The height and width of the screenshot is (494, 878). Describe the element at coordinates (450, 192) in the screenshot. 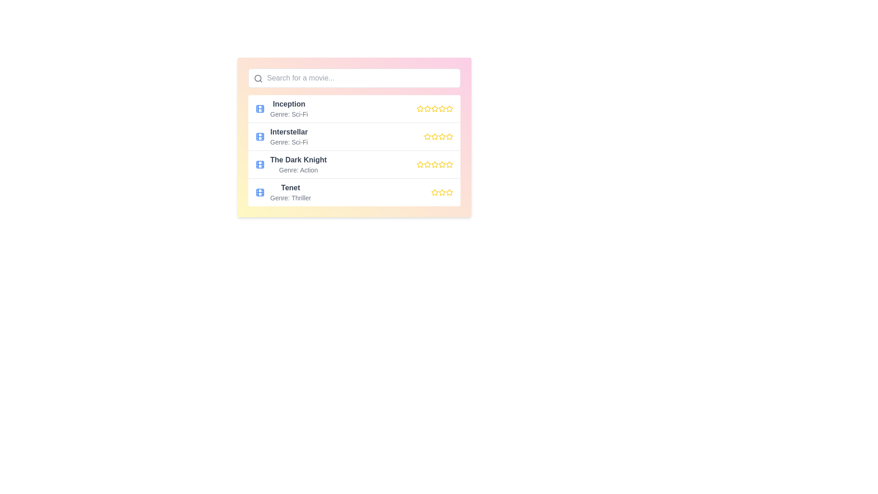

I see `the fifth star icon in the rating section for the movie 'Tenet'` at that location.